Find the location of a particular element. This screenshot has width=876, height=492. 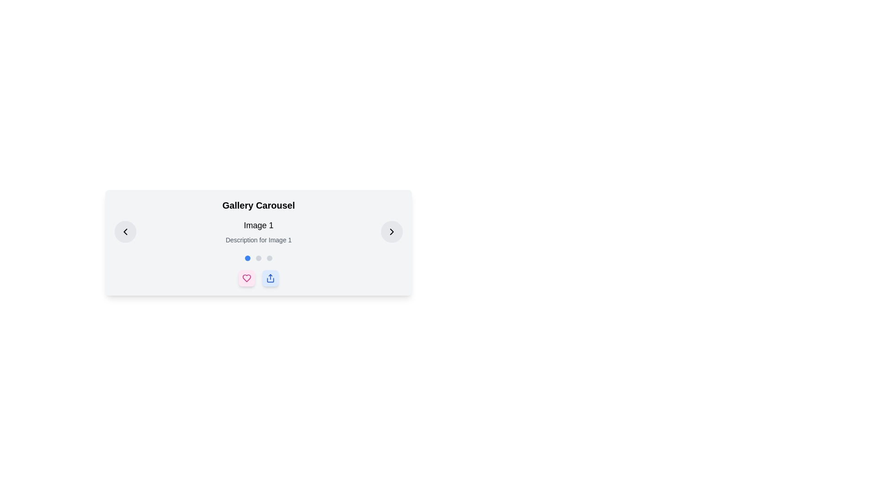

the heart-shaped icon with a pink outline is located at coordinates (247, 277).